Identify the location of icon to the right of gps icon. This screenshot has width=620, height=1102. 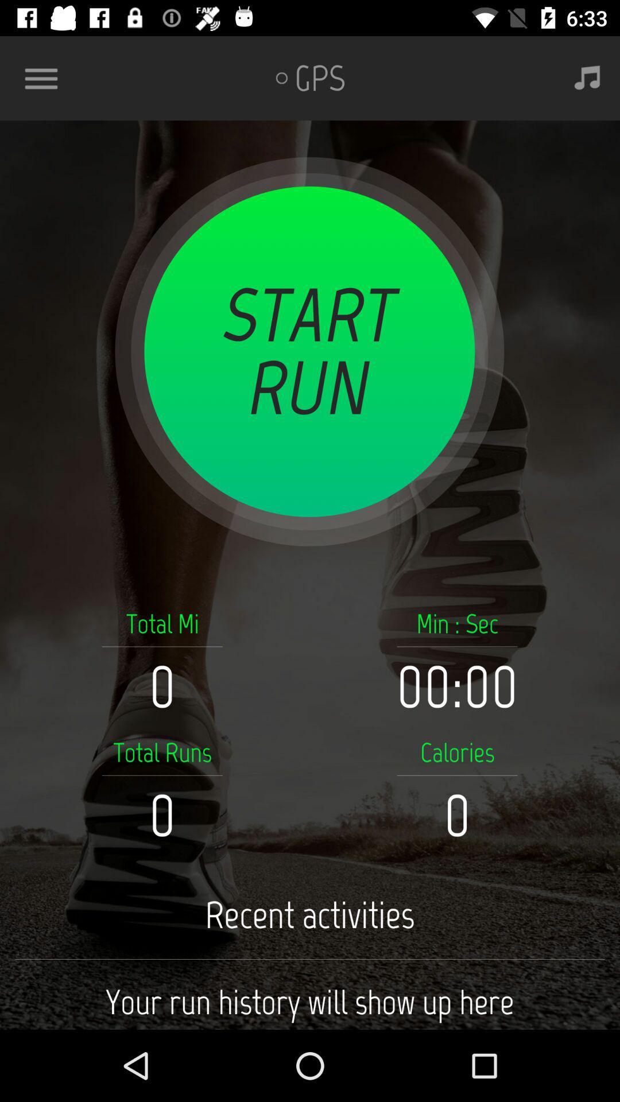
(587, 77).